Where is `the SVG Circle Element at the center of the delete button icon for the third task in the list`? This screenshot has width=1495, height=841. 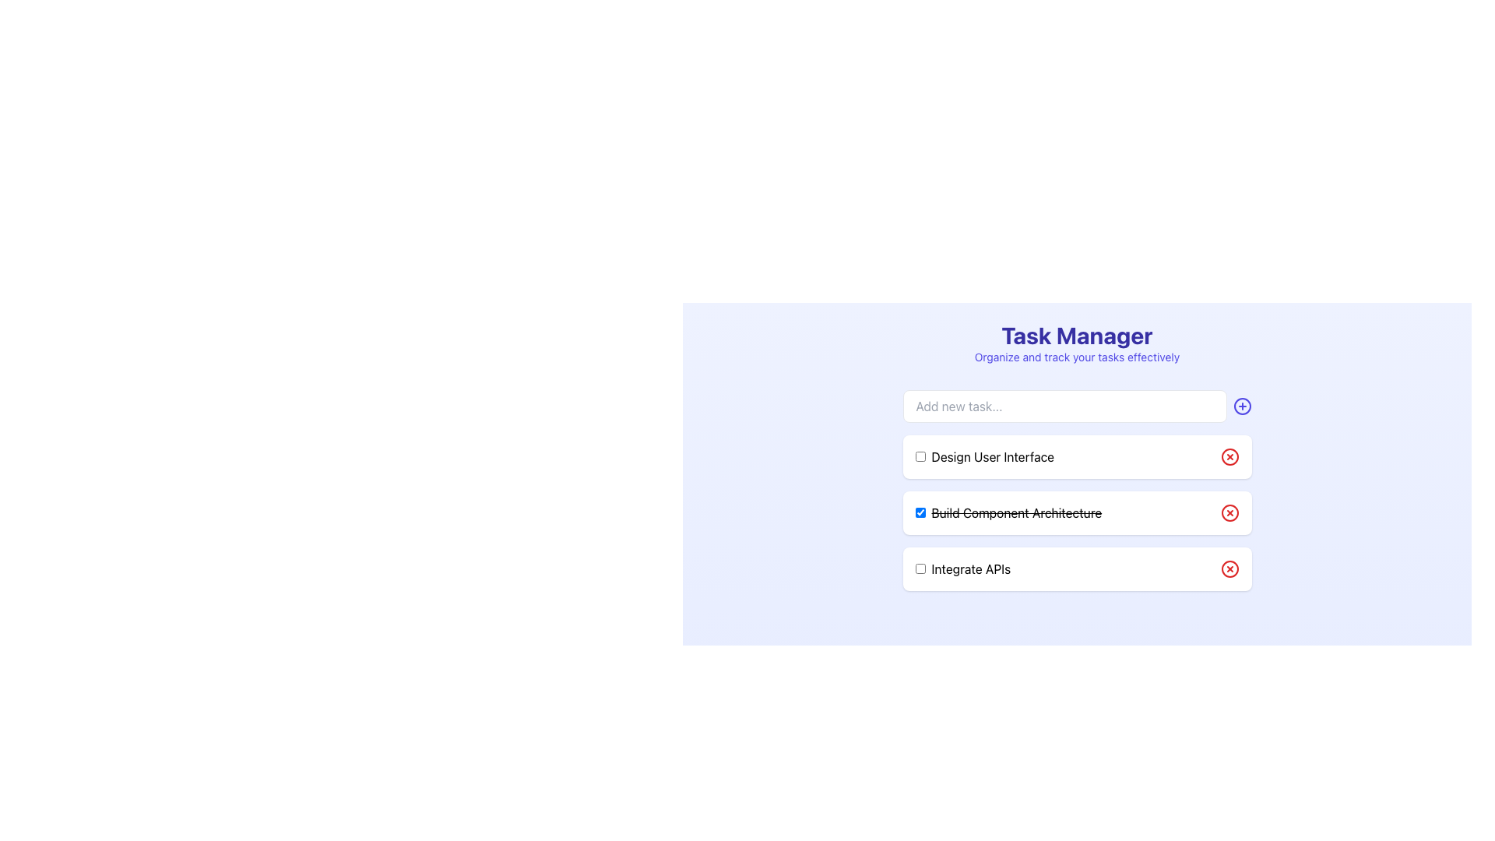 the SVG Circle Element at the center of the delete button icon for the third task in the list is located at coordinates (1229, 569).